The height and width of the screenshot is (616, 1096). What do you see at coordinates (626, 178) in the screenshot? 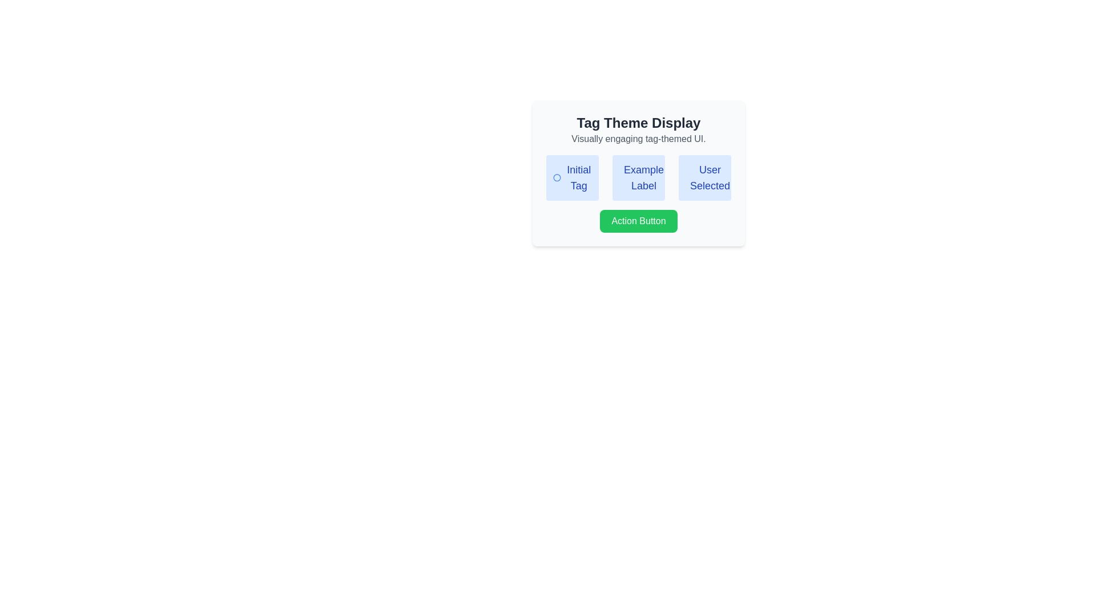
I see `the circular graphical element with a blue outline, which is centered on the light blue button labeled 'Example Label' in the three-button group under 'Tag Theme Display'` at bounding box center [626, 178].